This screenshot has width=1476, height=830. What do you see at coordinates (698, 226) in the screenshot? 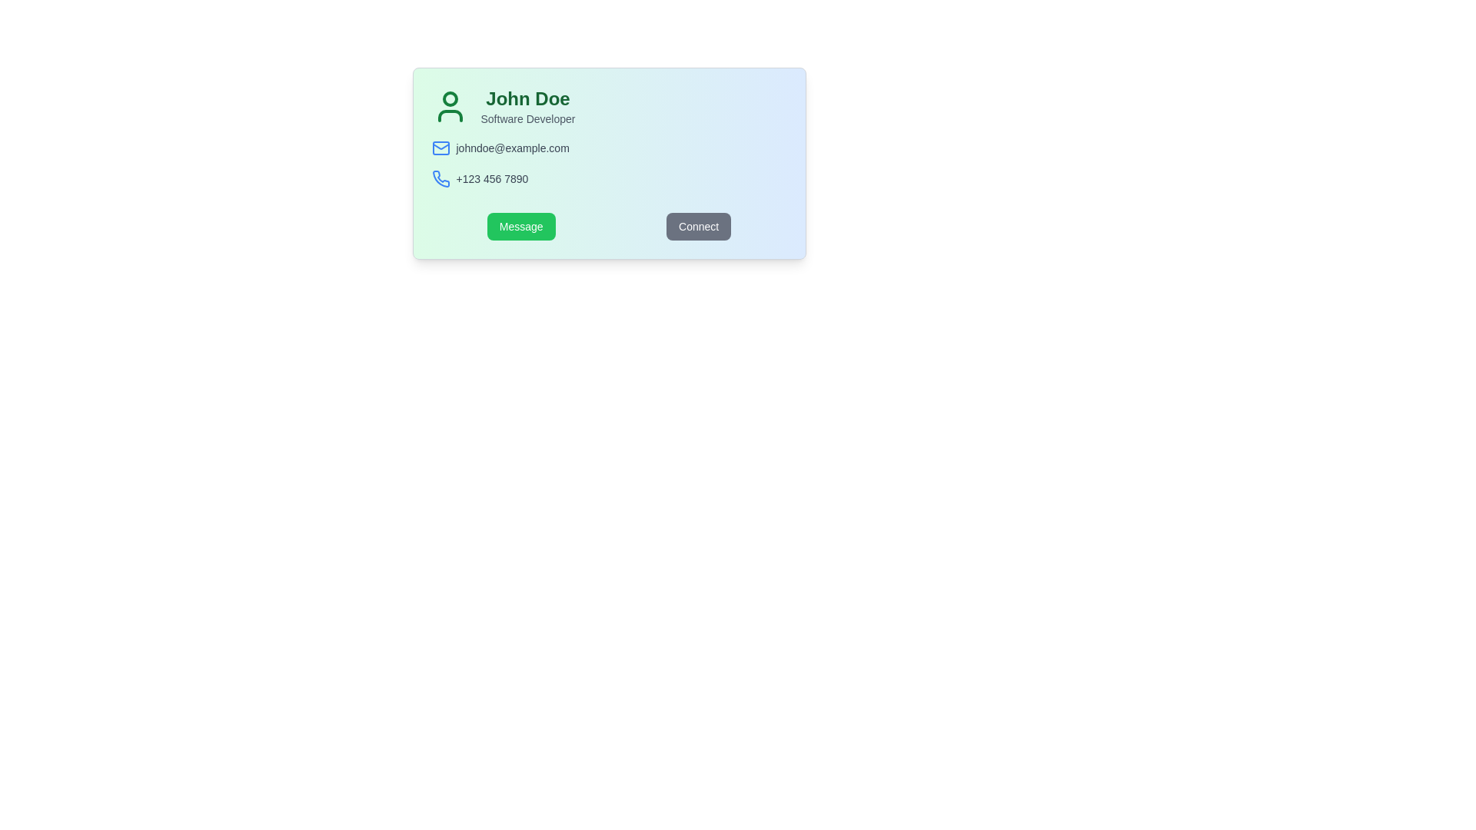
I see `the 'Connect' button with a gray background and white text` at bounding box center [698, 226].